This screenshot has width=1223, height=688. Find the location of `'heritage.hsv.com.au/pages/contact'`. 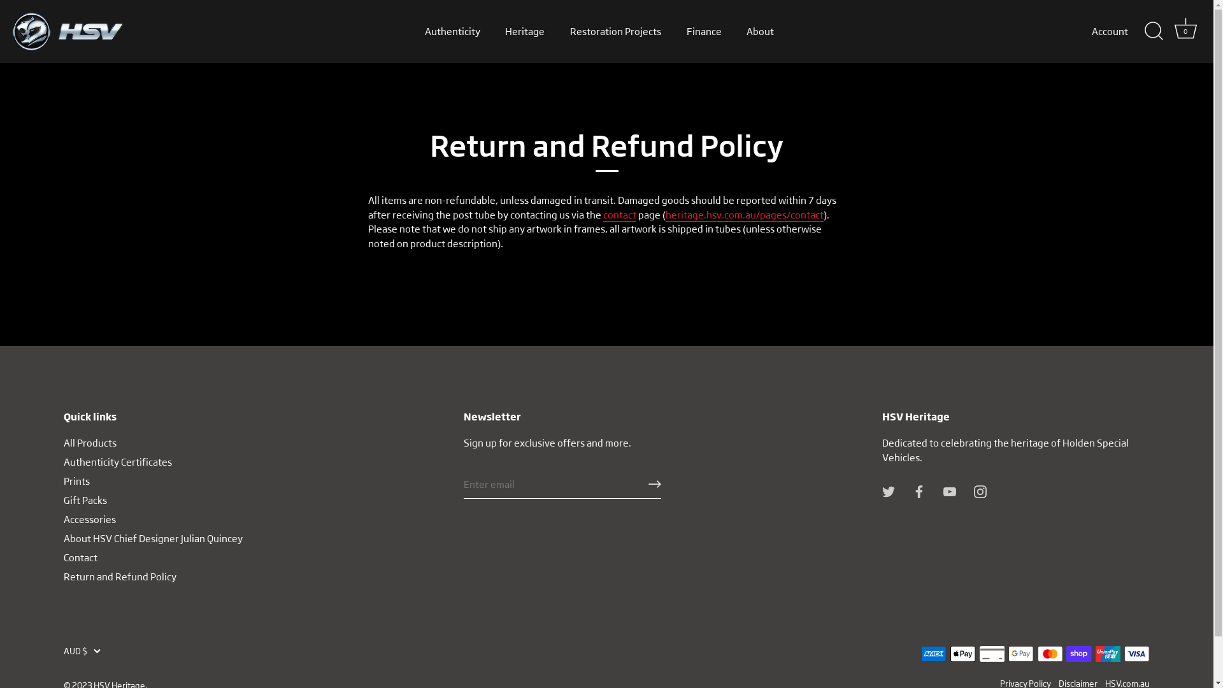

'heritage.hsv.com.au/pages/contact' is located at coordinates (743, 213).